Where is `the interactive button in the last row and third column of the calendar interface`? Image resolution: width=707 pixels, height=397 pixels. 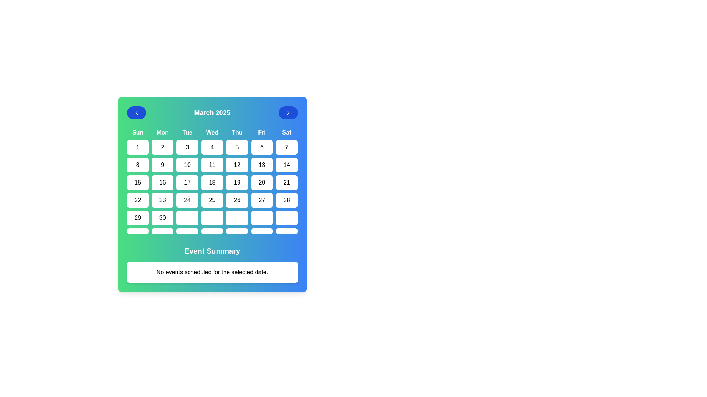 the interactive button in the last row and third column of the calendar interface is located at coordinates (187, 230).